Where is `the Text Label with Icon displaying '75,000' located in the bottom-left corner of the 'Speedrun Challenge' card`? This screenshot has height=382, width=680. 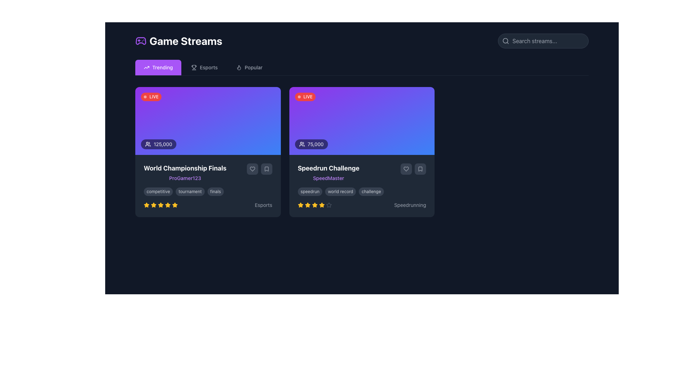
the Text Label with Icon displaying '75,000' located in the bottom-left corner of the 'Speedrun Challenge' card is located at coordinates (311, 144).